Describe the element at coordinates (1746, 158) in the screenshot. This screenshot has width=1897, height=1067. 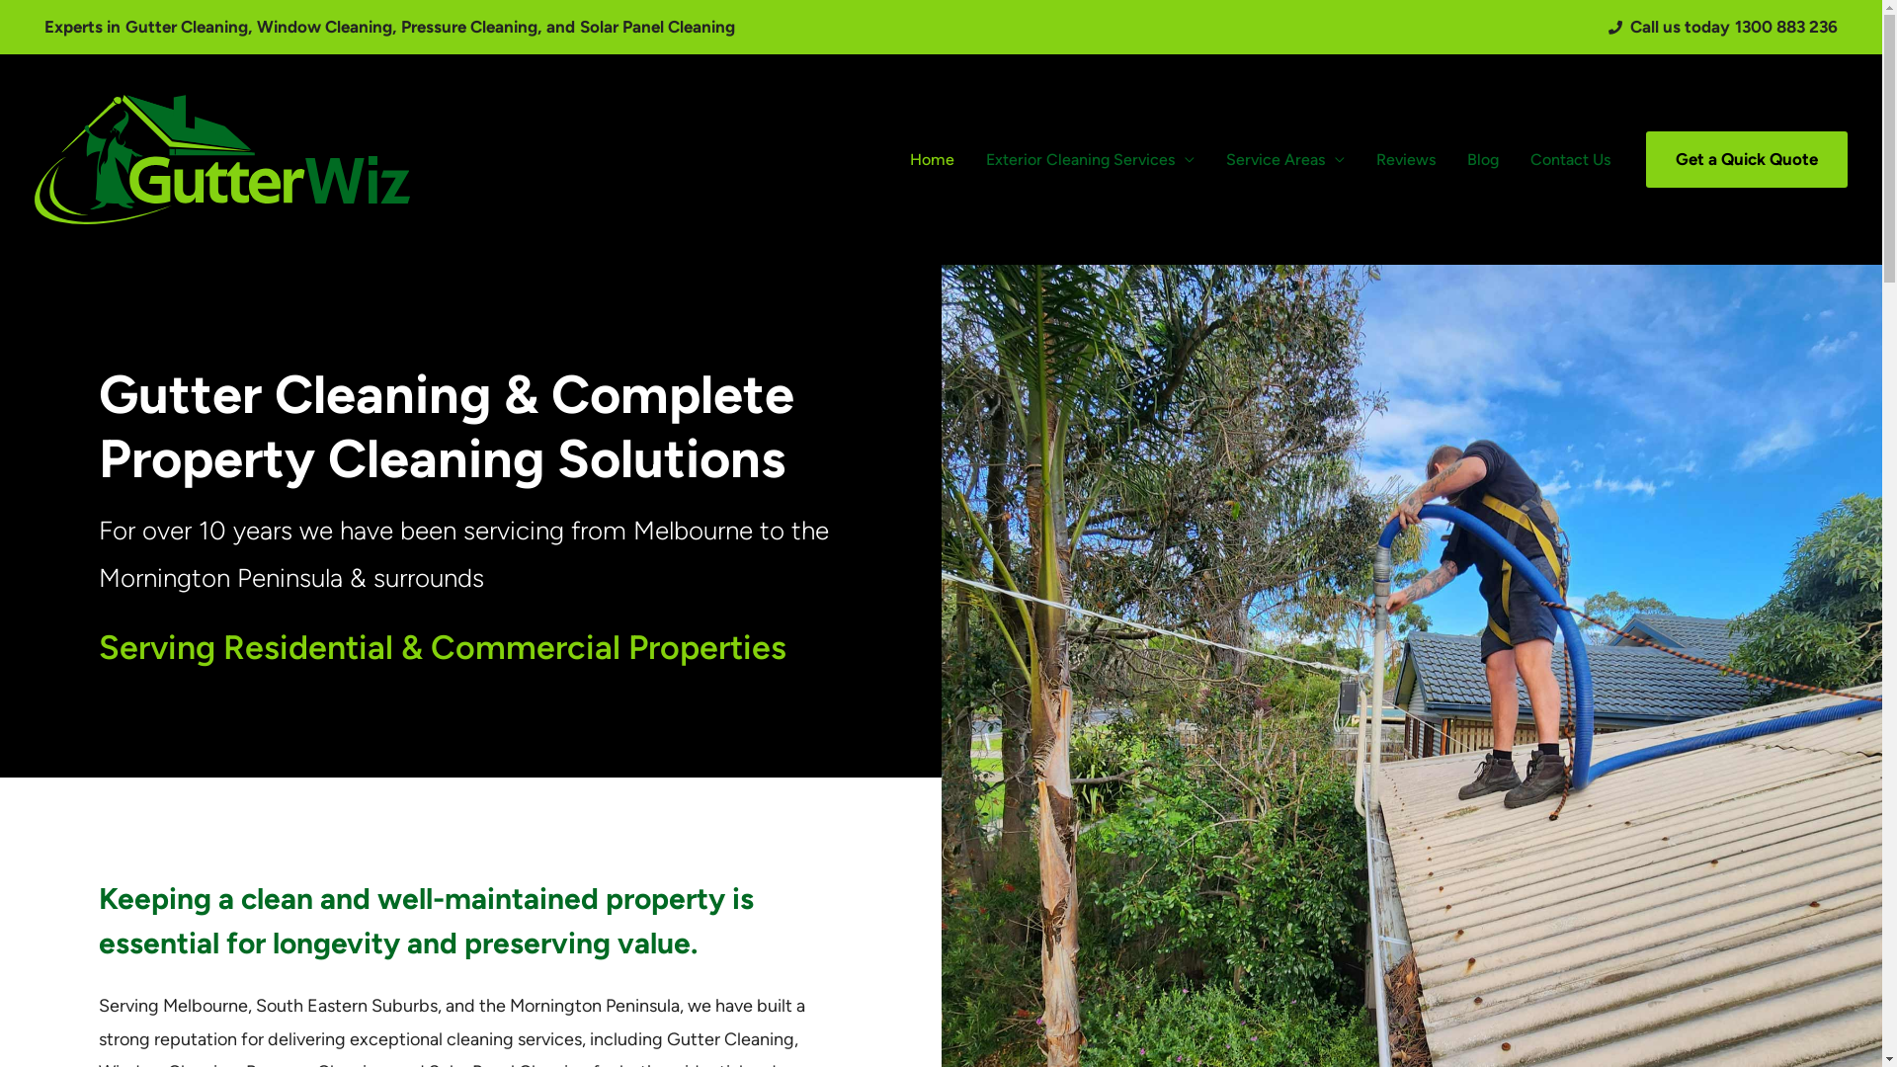
I see `'Get a Quick Quote'` at that location.